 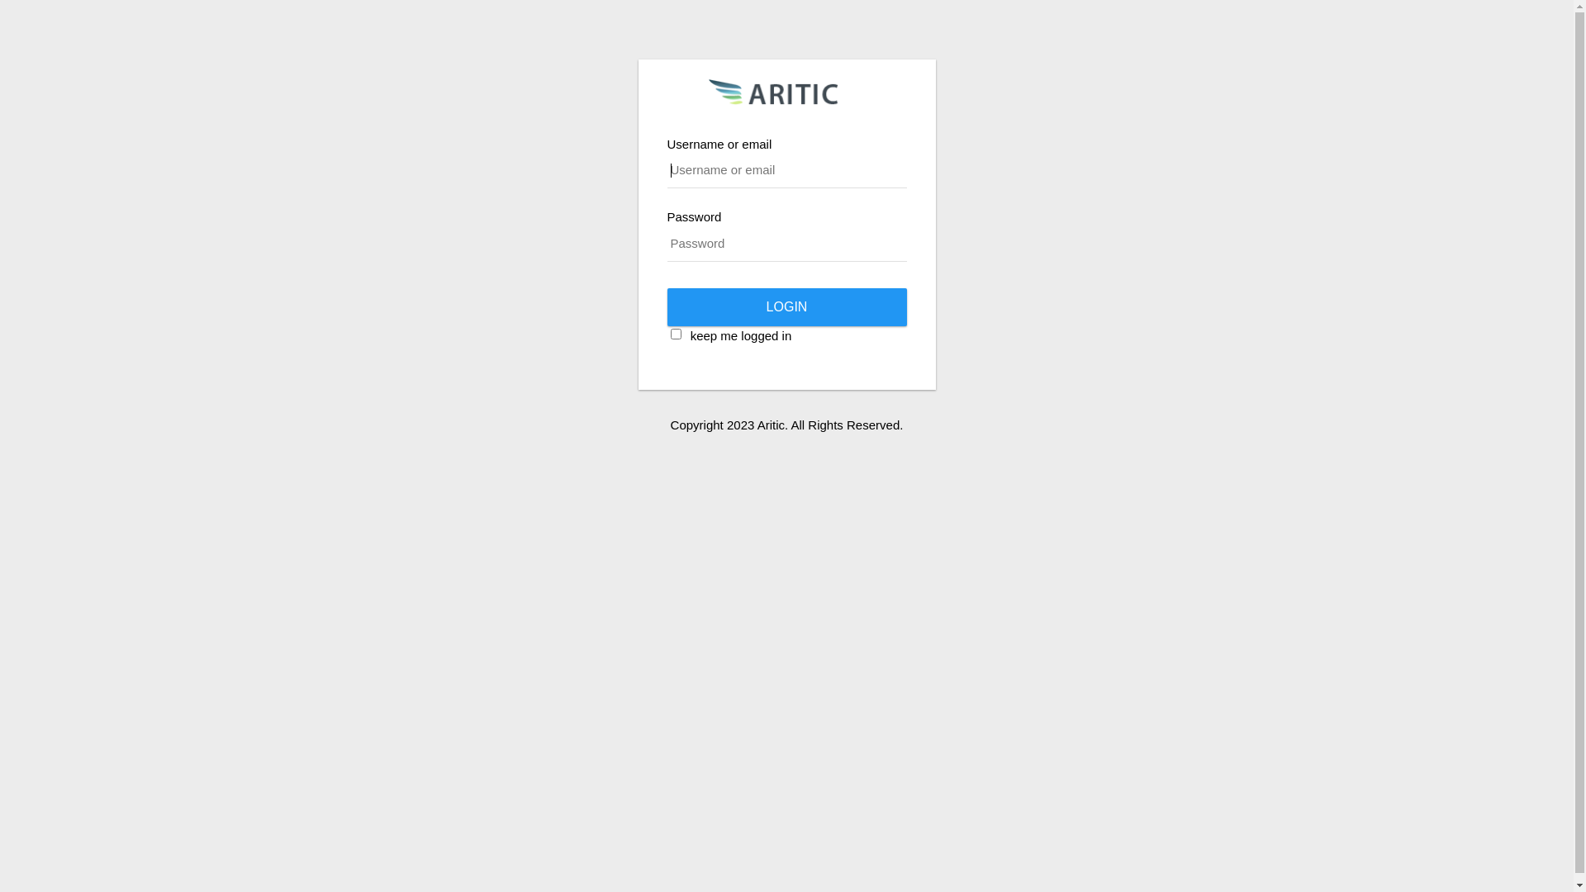 What do you see at coordinates (786, 306) in the screenshot?
I see `'login'` at bounding box center [786, 306].